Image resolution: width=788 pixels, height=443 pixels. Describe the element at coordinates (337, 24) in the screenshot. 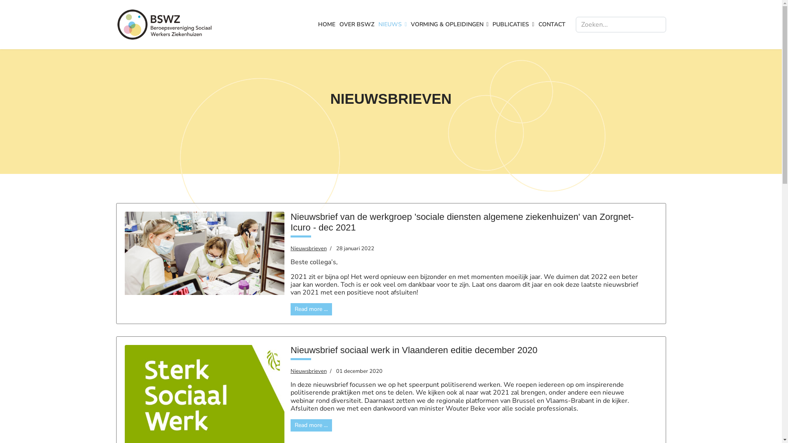

I see `'OVER BSWZ'` at that location.